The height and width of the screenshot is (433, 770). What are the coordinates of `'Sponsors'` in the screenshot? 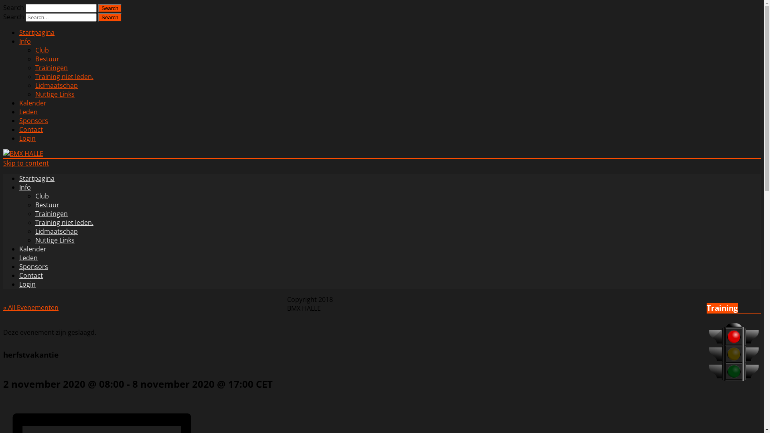 It's located at (19, 266).